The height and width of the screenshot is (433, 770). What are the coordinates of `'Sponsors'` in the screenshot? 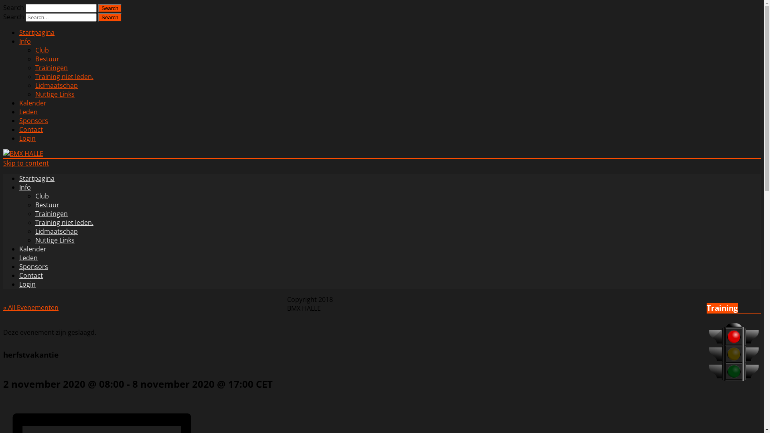 It's located at (19, 266).